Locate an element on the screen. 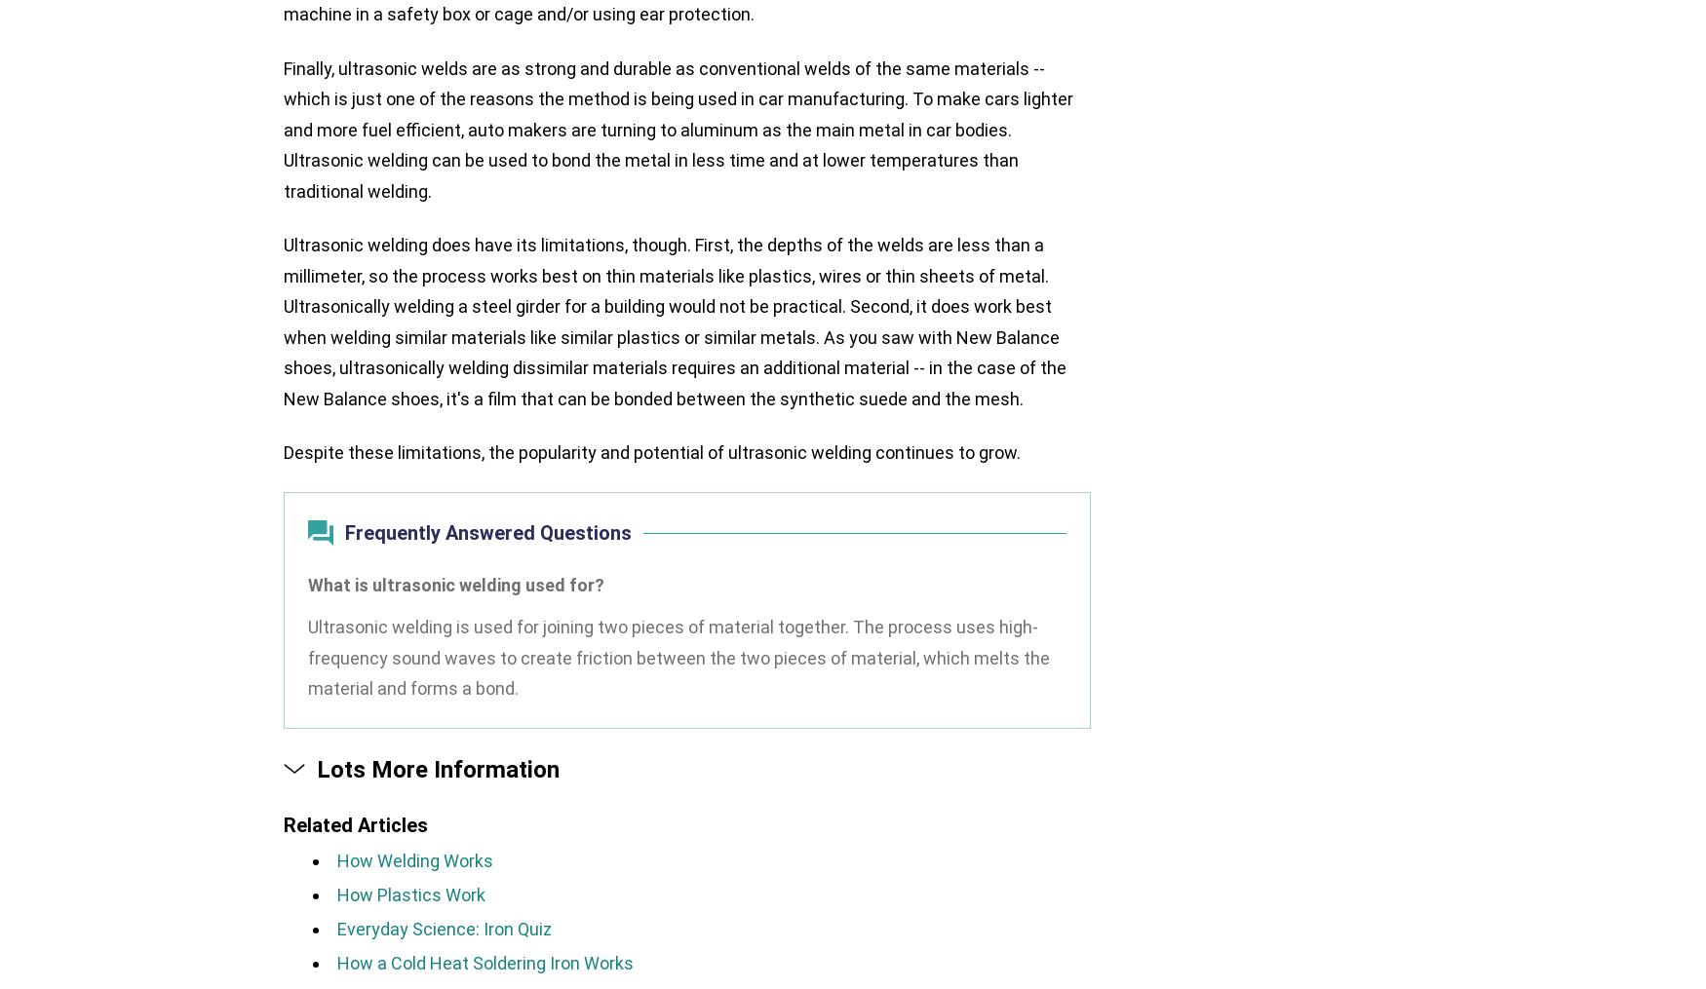 The image size is (1706, 989). 'How Welding Works' is located at coordinates (413, 858).